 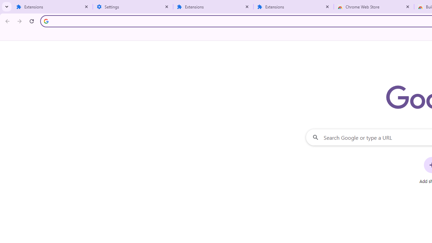 What do you see at coordinates (374, 7) in the screenshot?
I see `'Chrome Web Store'` at bounding box center [374, 7].